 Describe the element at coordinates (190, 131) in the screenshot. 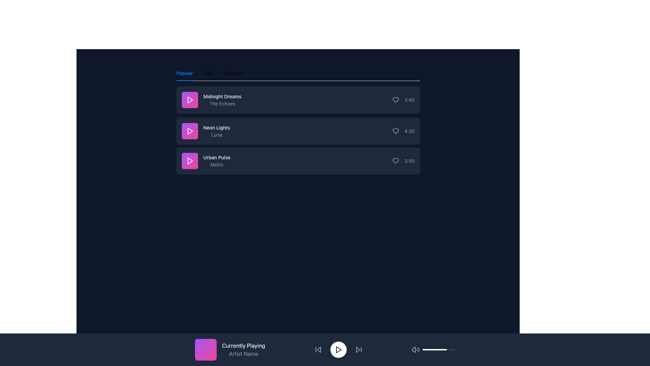

I see `the play indicator icon associated with the song 'Neon Lights', which is positioned within the second item of the song list, aligned left next to the title` at that location.